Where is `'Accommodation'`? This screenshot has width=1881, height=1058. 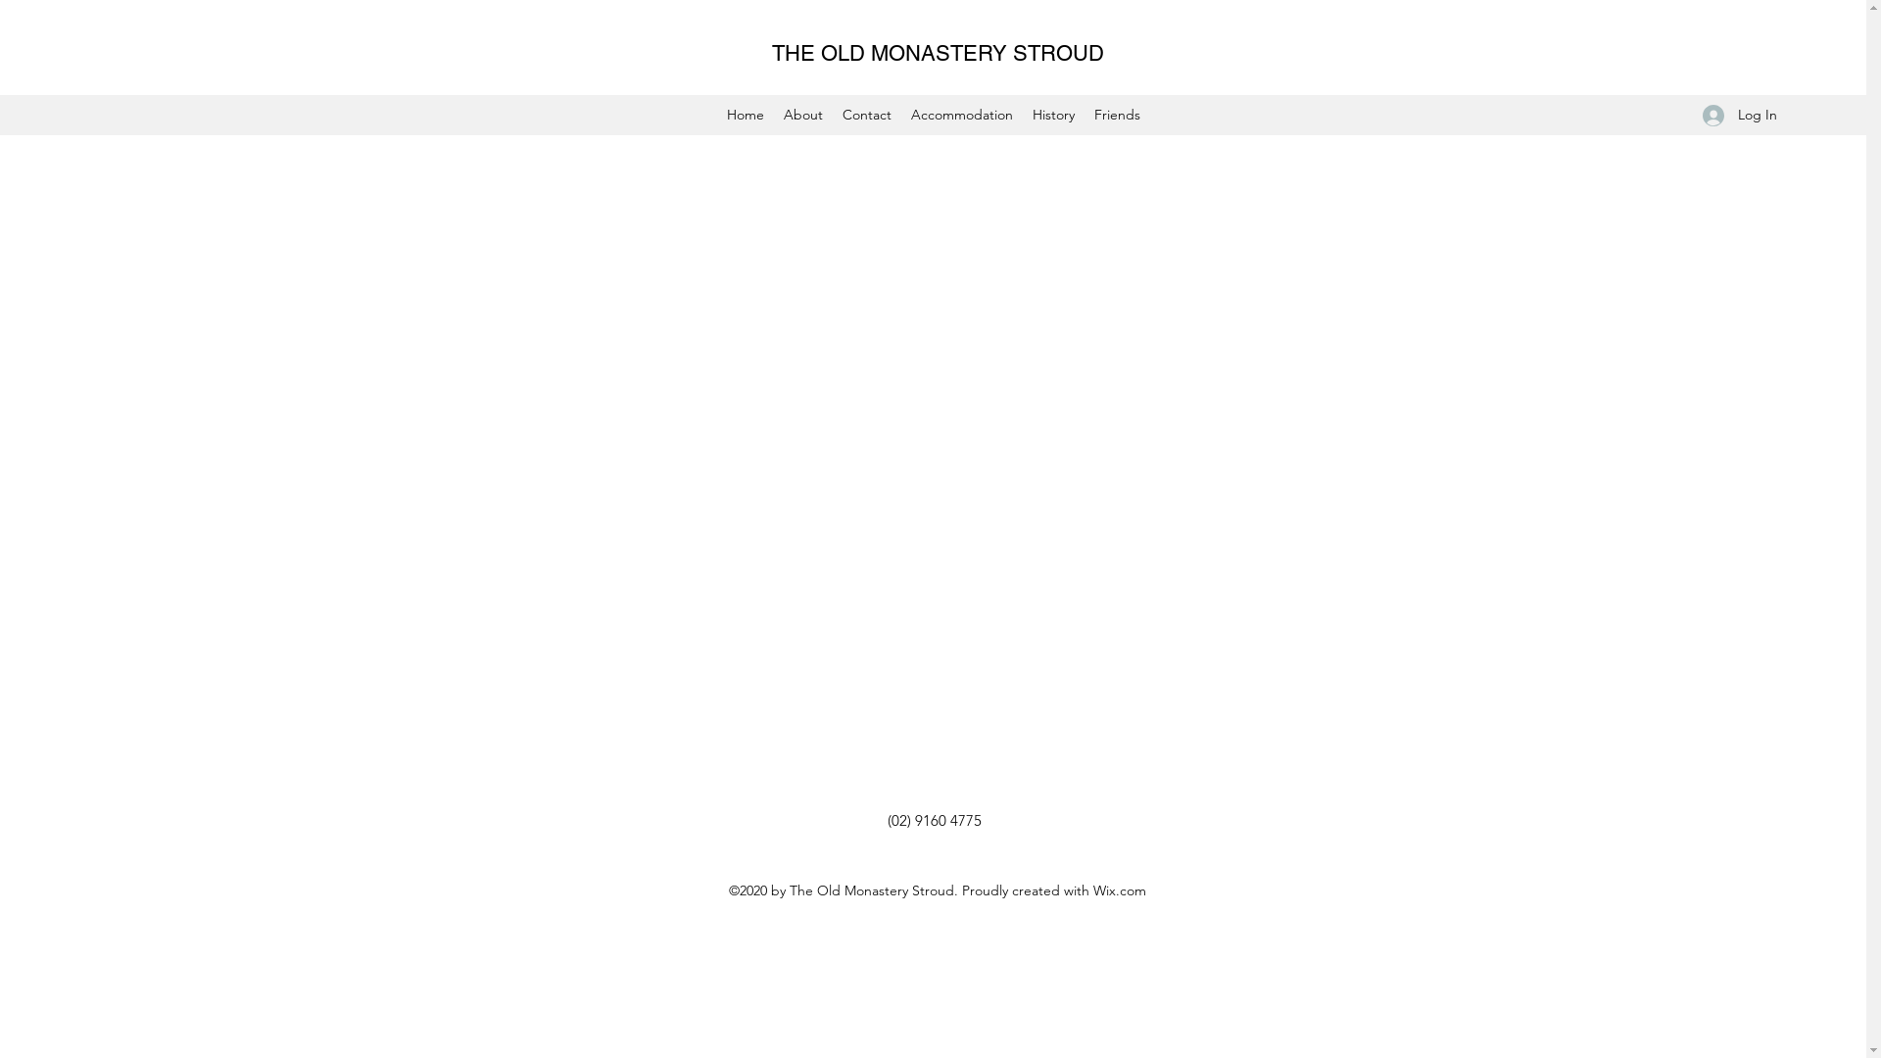
'Accommodation' is located at coordinates (962, 115).